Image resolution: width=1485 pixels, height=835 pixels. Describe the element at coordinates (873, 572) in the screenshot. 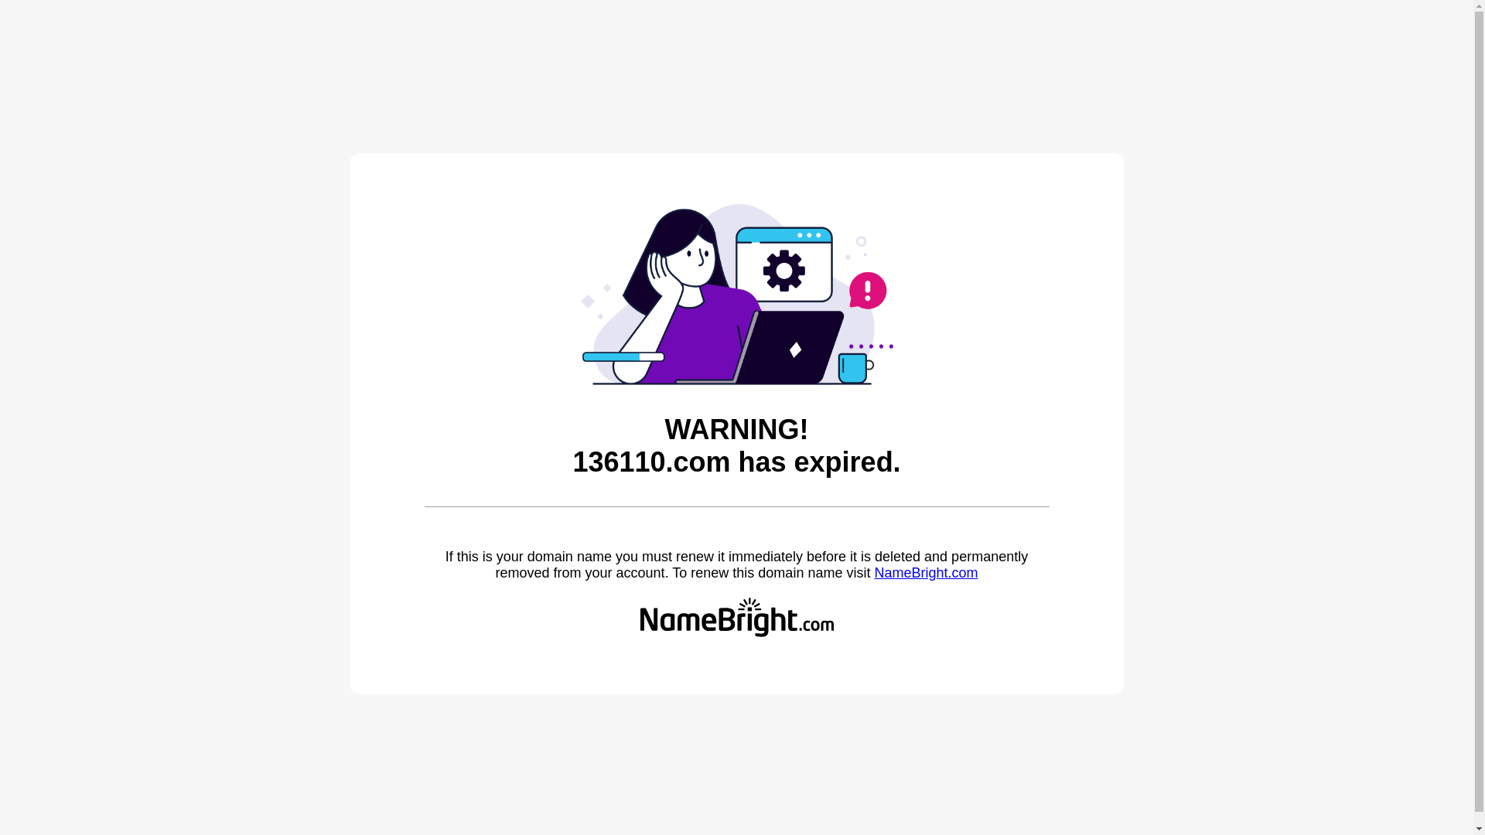

I see `'NameBright.com'` at that location.